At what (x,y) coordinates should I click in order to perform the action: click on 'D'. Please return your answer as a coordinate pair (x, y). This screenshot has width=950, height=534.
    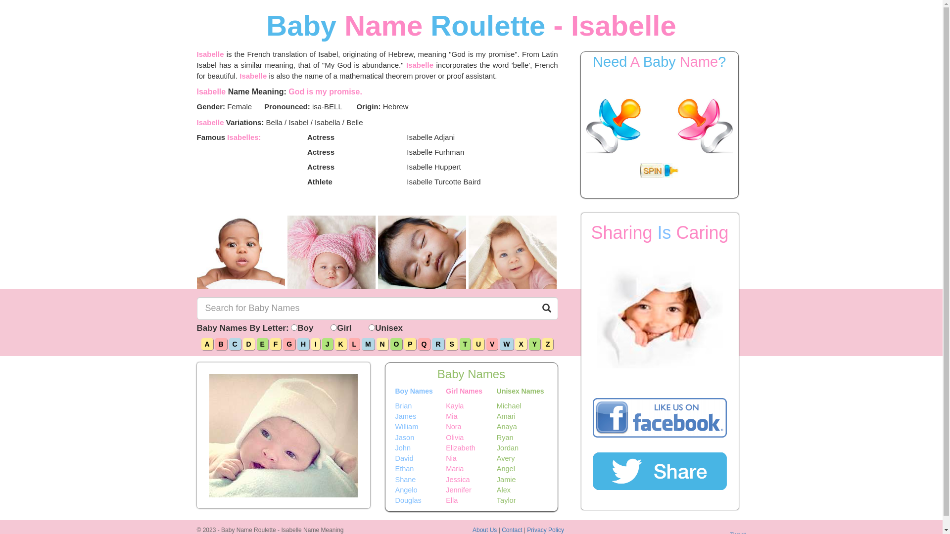
    Looking at the image, I should click on (242, 343).